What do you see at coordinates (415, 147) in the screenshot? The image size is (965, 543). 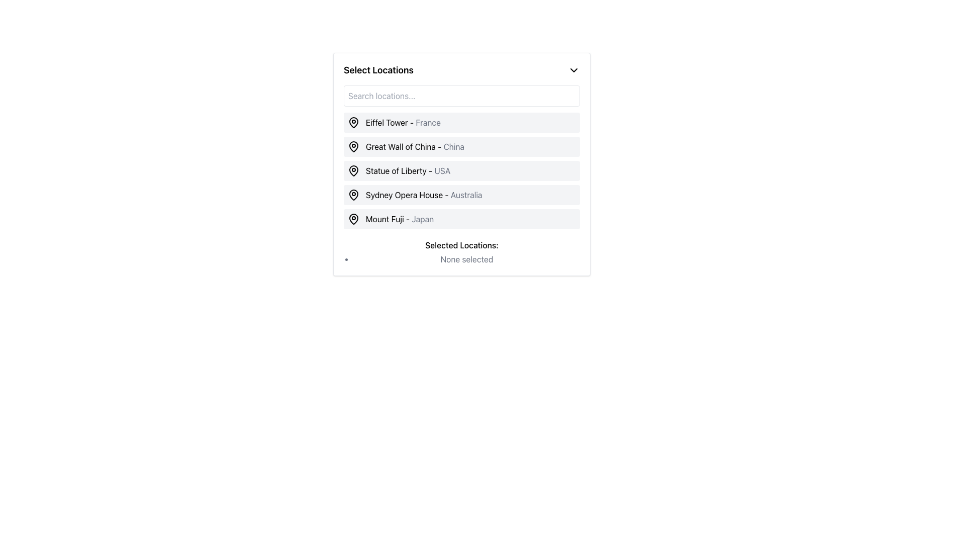 I see `the 'Great Wall of China' option in the dropdown menu` at bounding box center [415, 147].